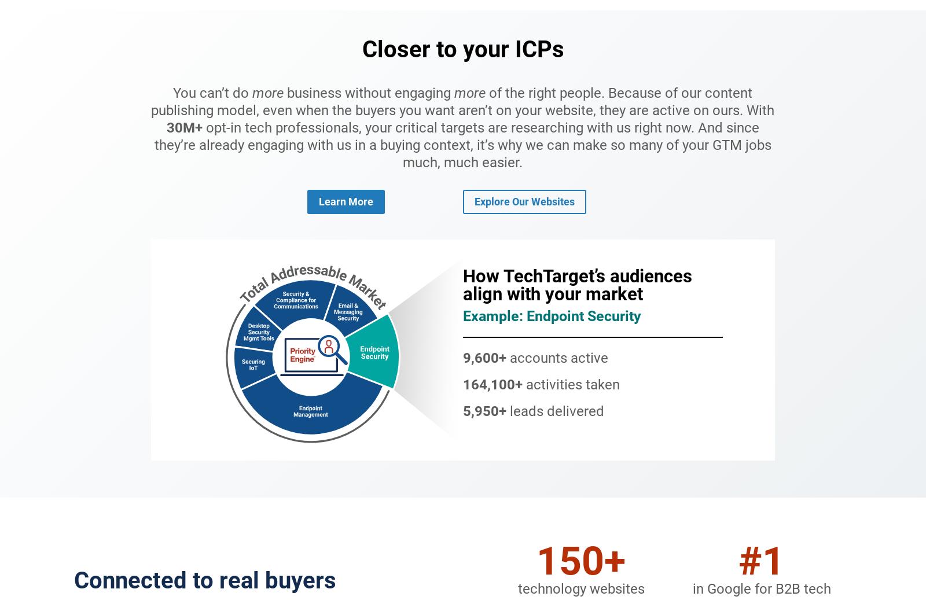 The height and width of the screenshot is (600, 926). What do you see at coordinates (462, 49) in the screenshot?
I see `'Closer to your ICPs'` at bounding box center [462, 49].